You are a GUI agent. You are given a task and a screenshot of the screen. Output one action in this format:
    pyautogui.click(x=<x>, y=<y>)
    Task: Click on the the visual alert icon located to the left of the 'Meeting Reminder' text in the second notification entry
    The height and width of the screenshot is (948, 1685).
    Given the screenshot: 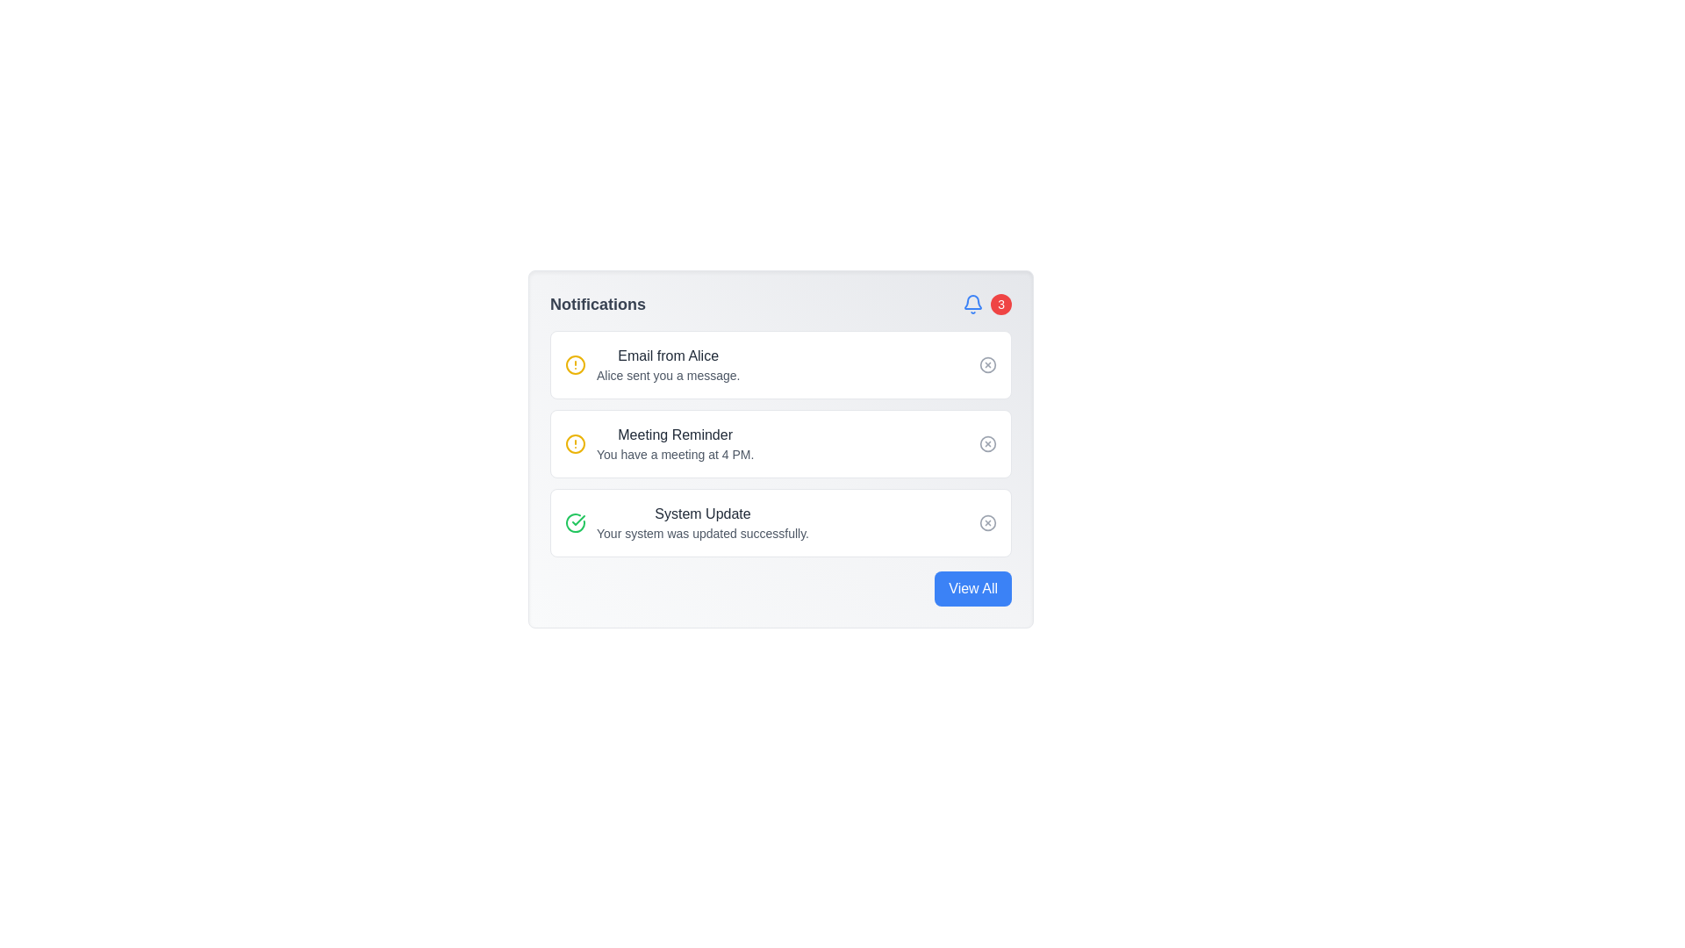 What is the action you would take?
    pyautogui.click(x=576, y=442)
    